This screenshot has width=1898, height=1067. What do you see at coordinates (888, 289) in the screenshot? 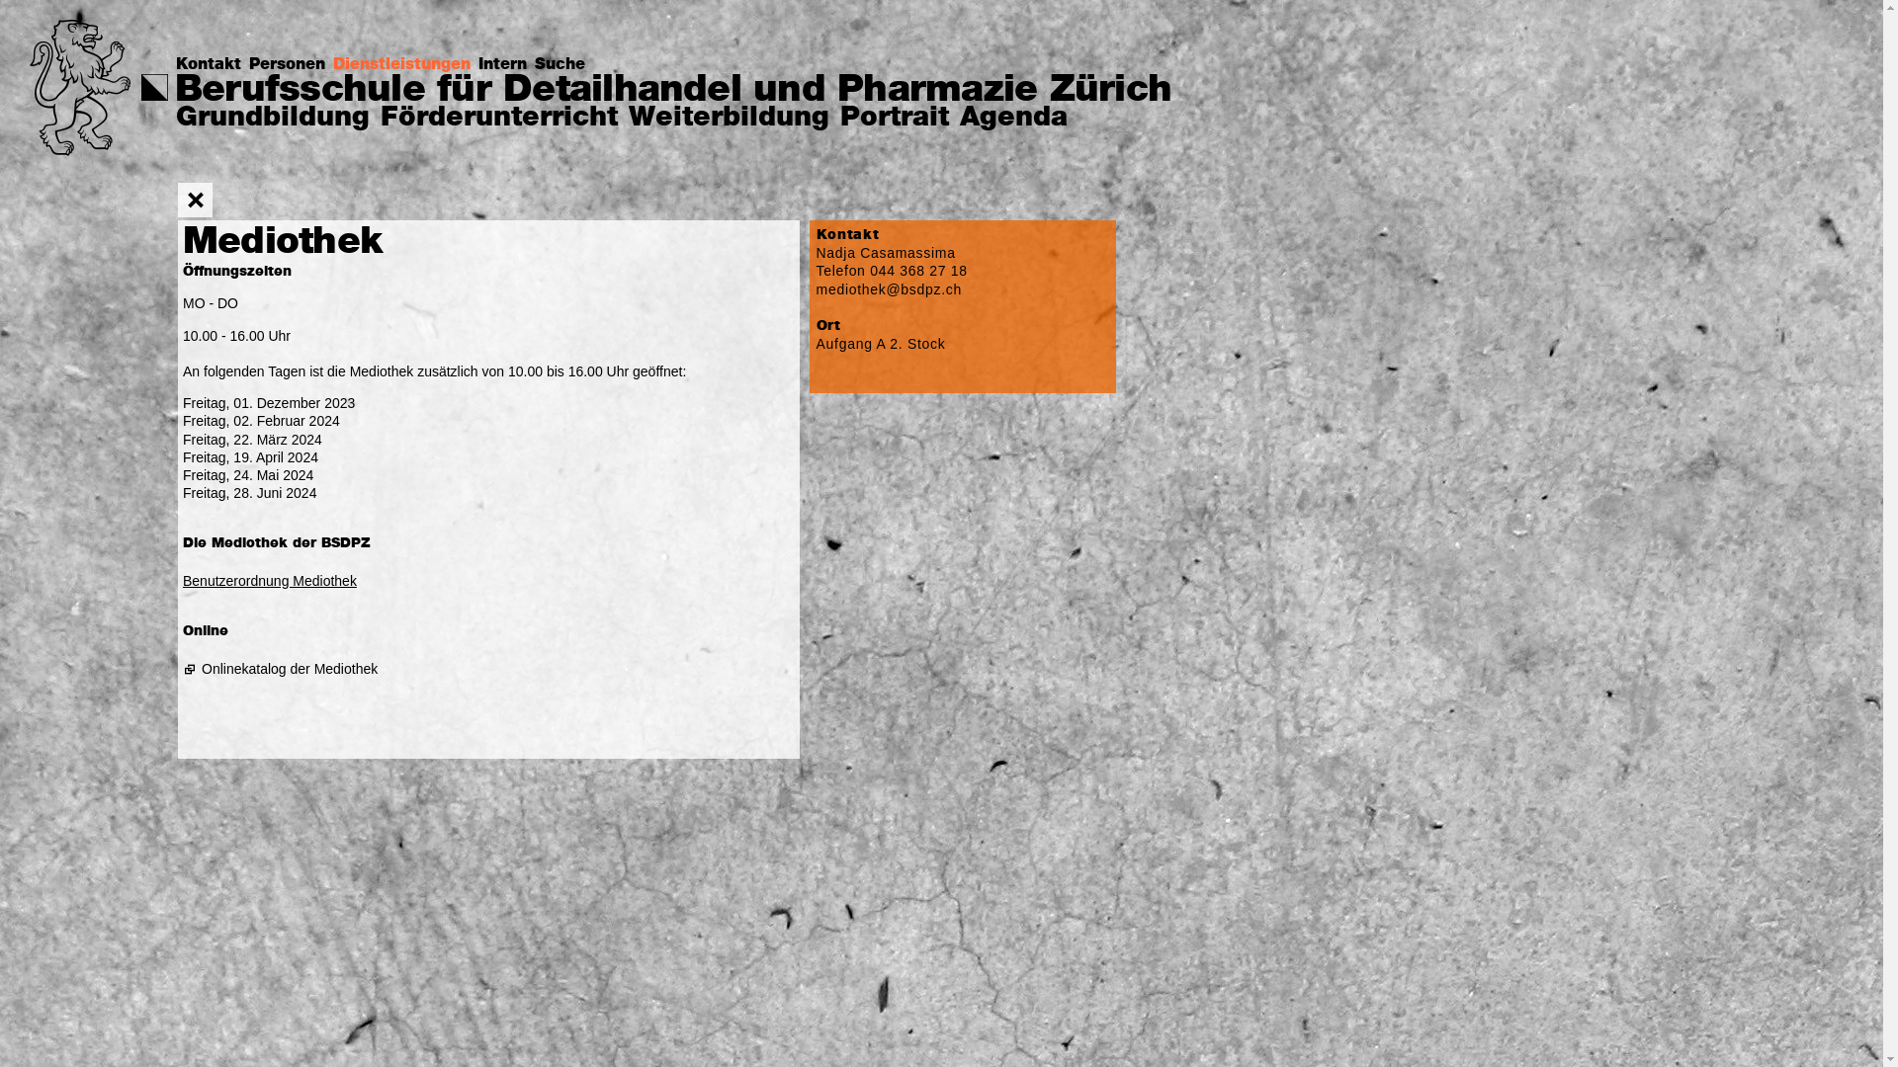
I see `'mediothek@bsdpz.ch'` at bounding box center [888, 289].